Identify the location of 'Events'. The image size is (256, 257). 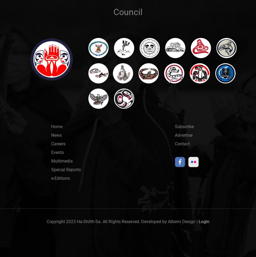
(57, 152).